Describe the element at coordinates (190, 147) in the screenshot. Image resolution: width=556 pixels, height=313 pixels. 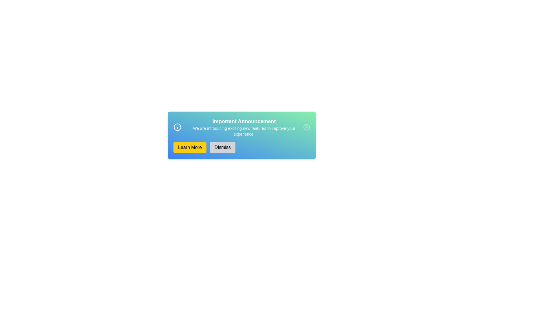
I see `the Learn More button to view its hover effect` at that location.